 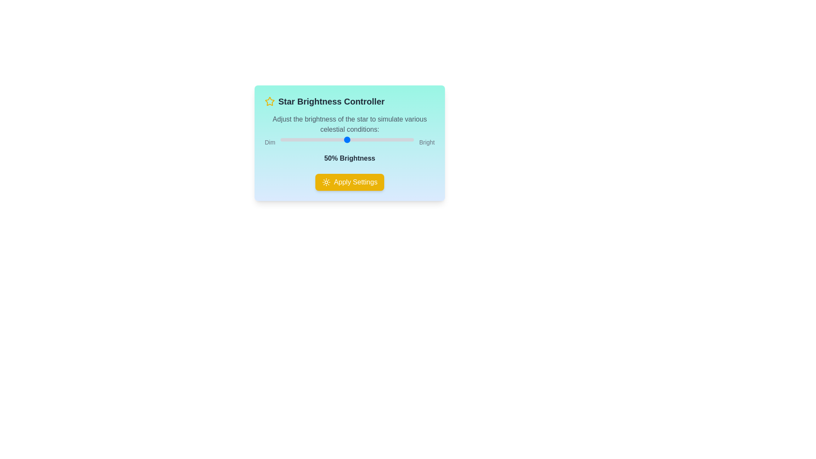 What do you see at coordinates (404, 139) in the screenshot?
I see `the brightness slider to 93%` at bounding box center [404, 139].